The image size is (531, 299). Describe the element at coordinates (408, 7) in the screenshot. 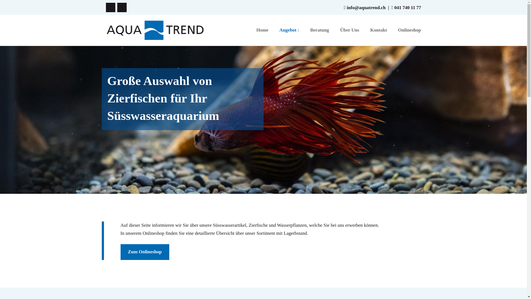

I see `'041 740 11 77'` at that location.